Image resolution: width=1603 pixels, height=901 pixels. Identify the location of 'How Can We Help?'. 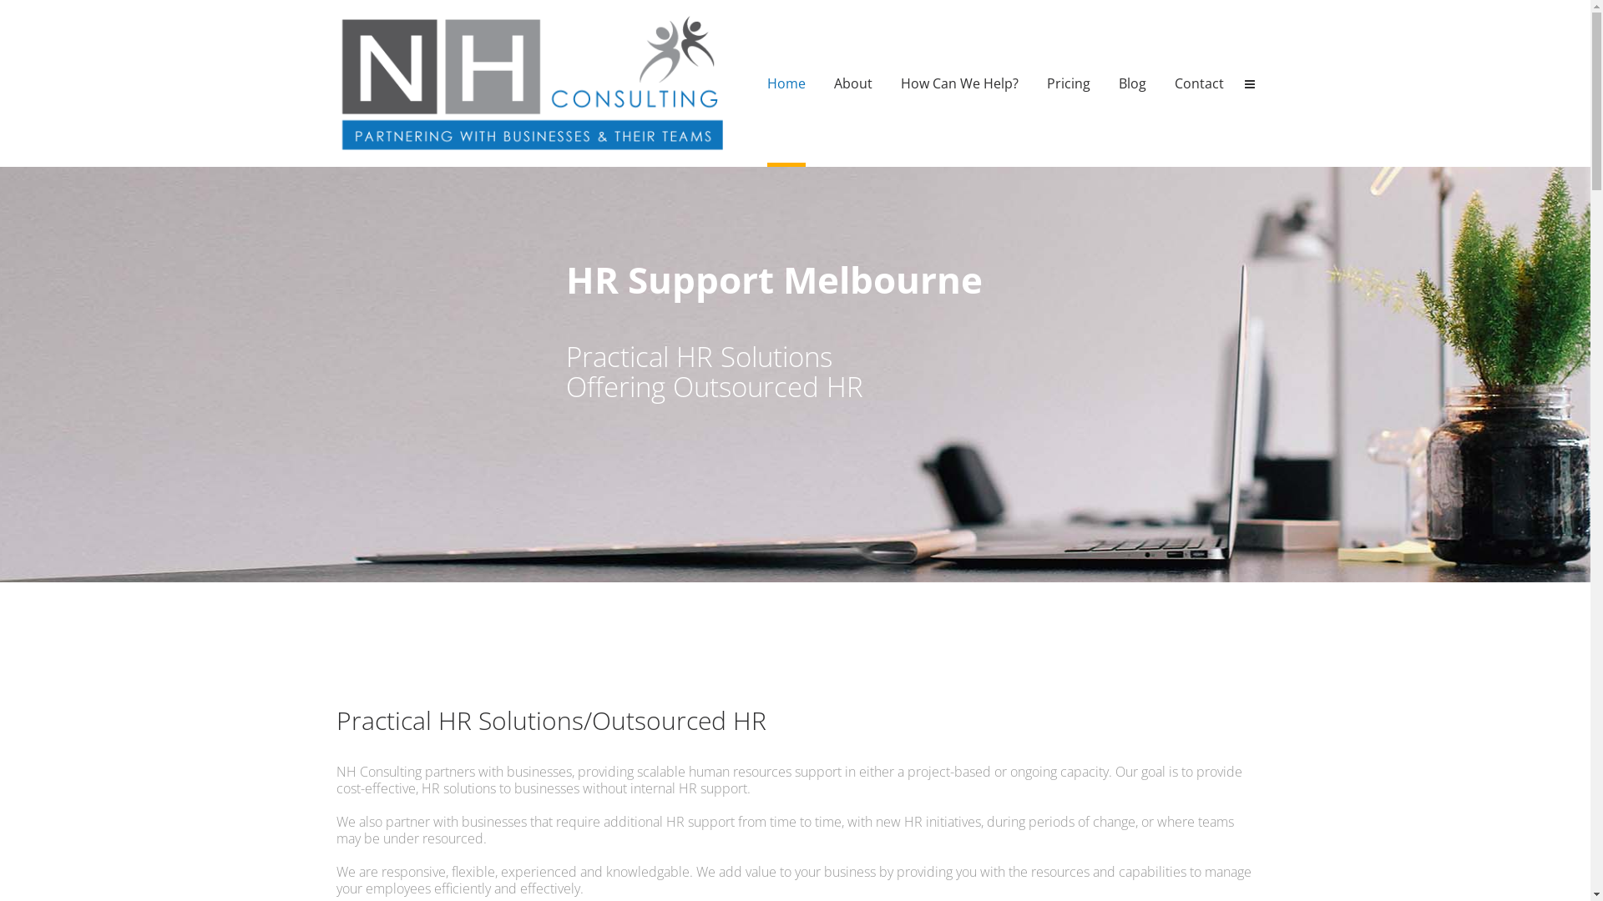
(899, 83).